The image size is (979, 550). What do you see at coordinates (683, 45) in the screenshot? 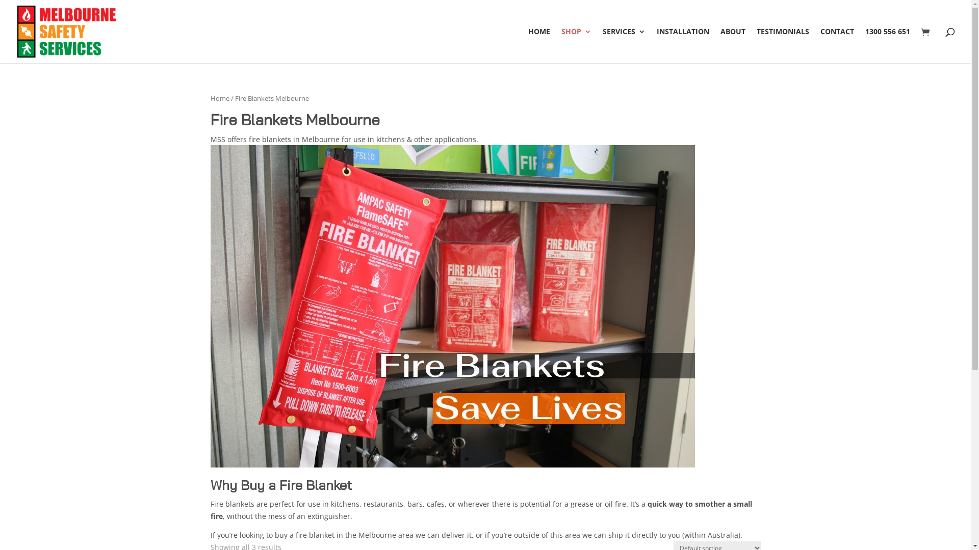
I see `'INSTALLATION'` at bounding box center [683, 45].